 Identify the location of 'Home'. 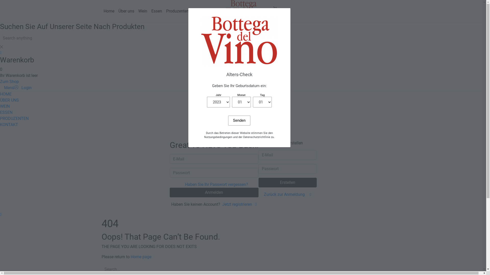
(109, 11).